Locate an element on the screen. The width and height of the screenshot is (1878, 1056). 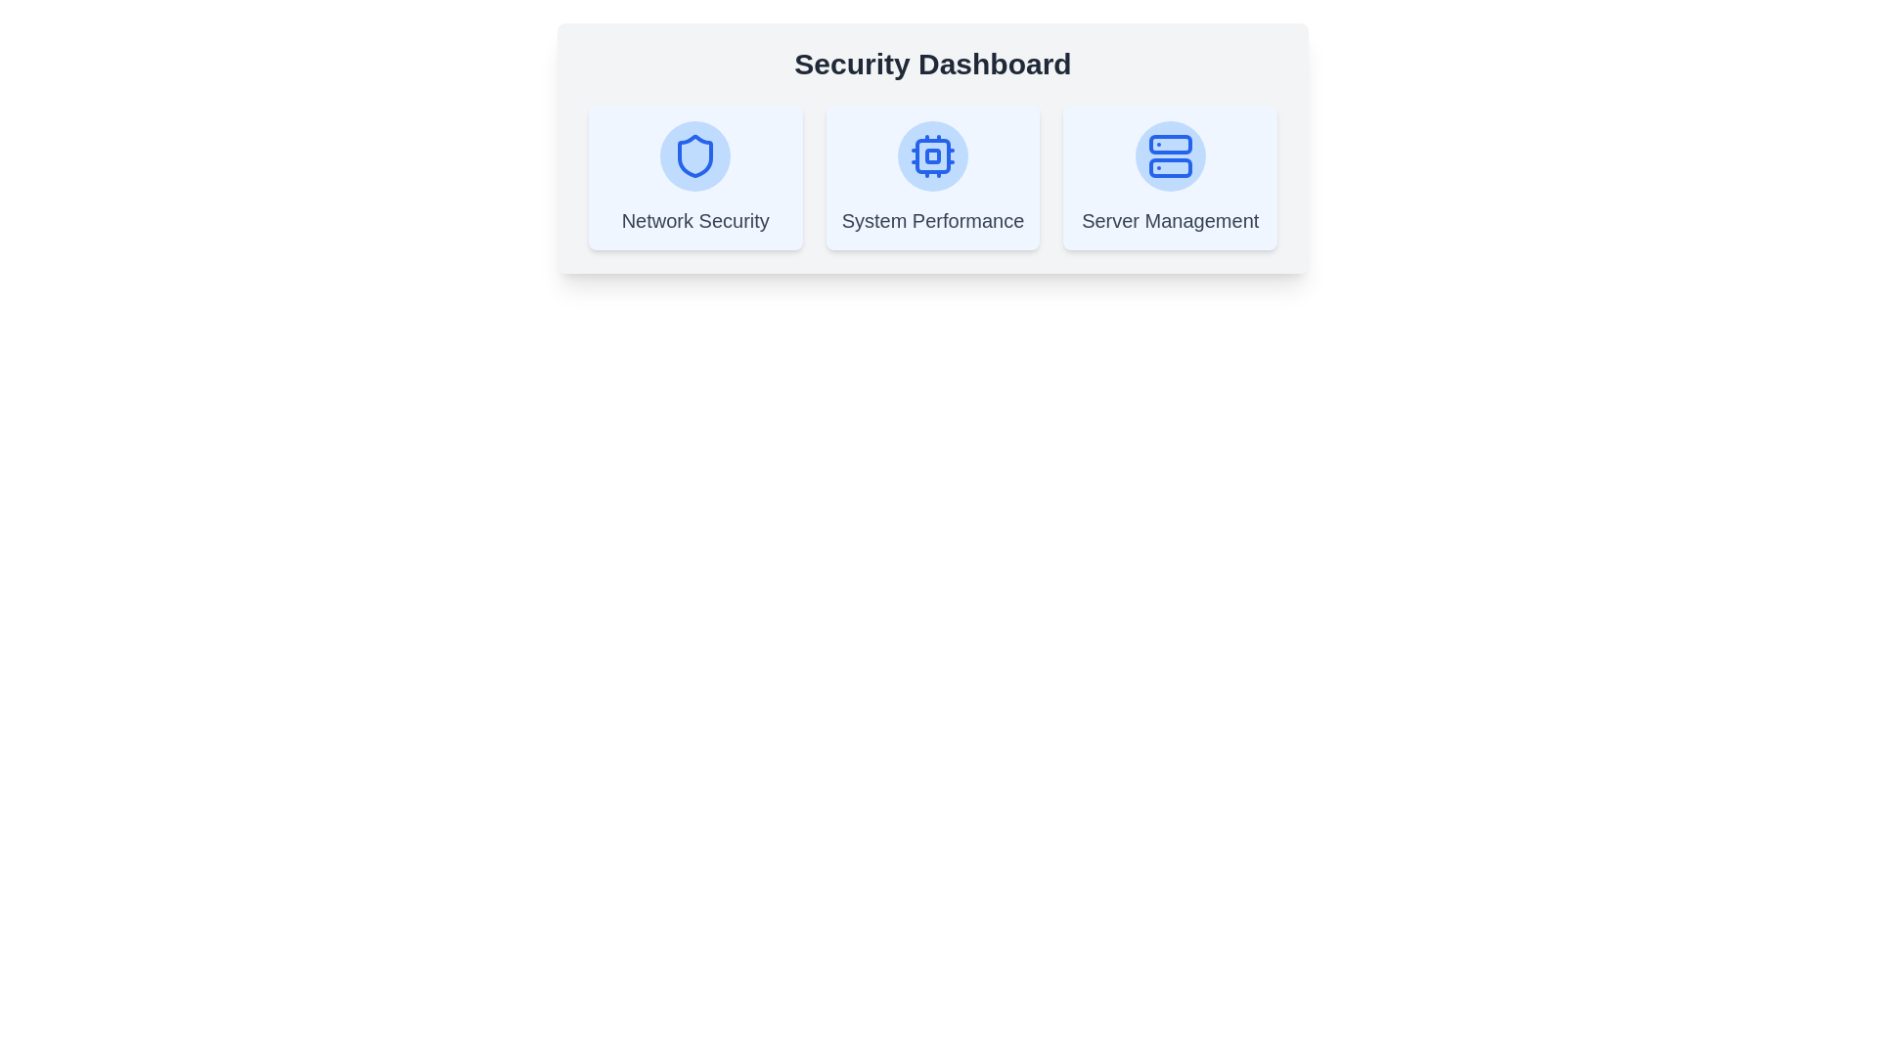
the text label displaying 'Network Security' in bold gray font, centrally aligned under the shield icon is located at coordinates (695, 220).